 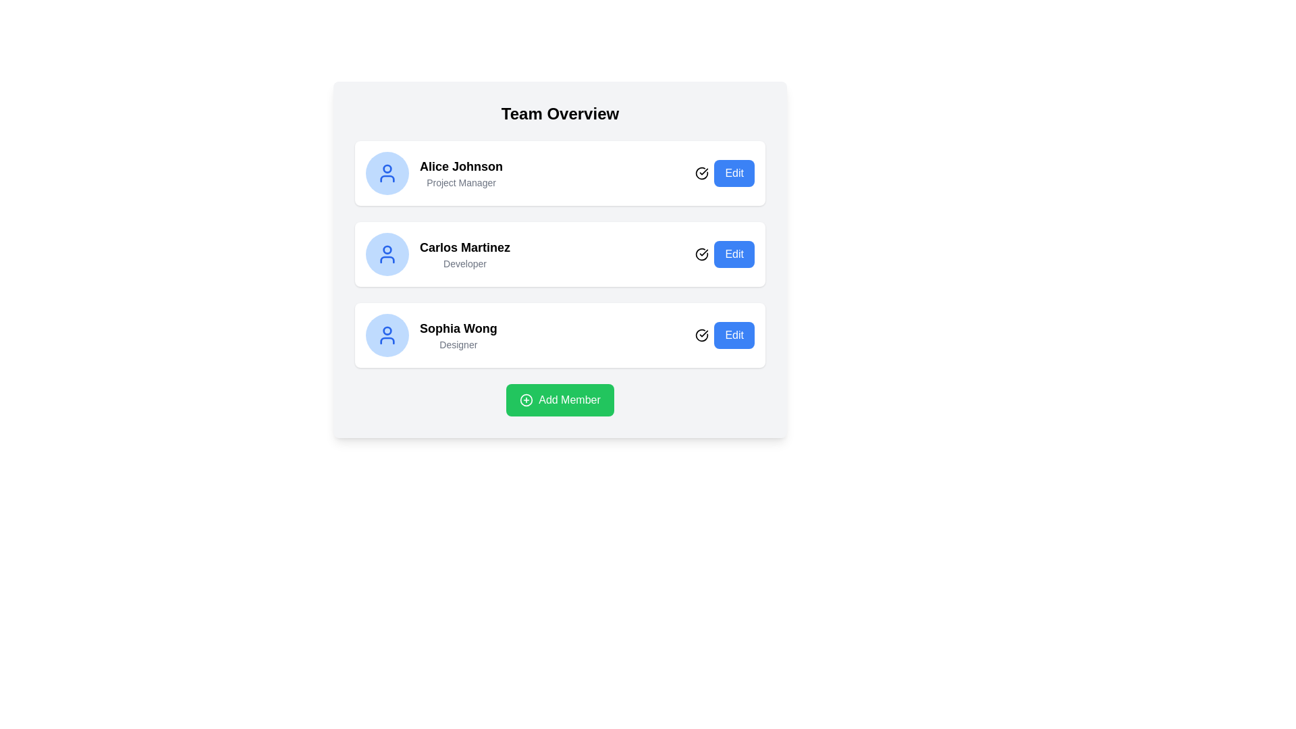 What do you see at coordinates (560, 173) in the screenshot?
I see `the first Profile Card in the vertically stacked list, which displays a team member's name and role` at bounding box center [560, 173].